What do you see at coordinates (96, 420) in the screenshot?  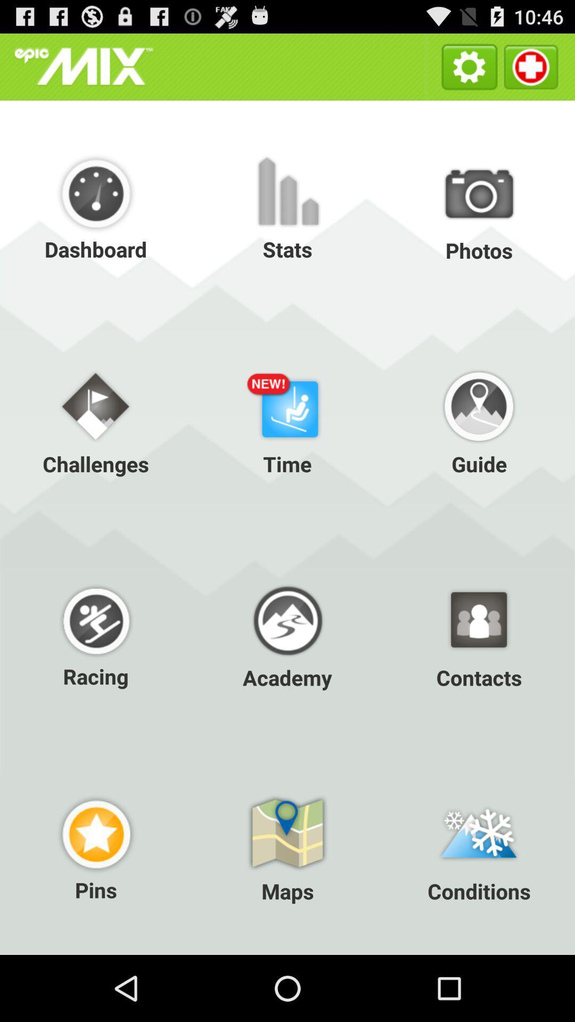 I see `button below the dashboard` at bounding box center [96, 420].